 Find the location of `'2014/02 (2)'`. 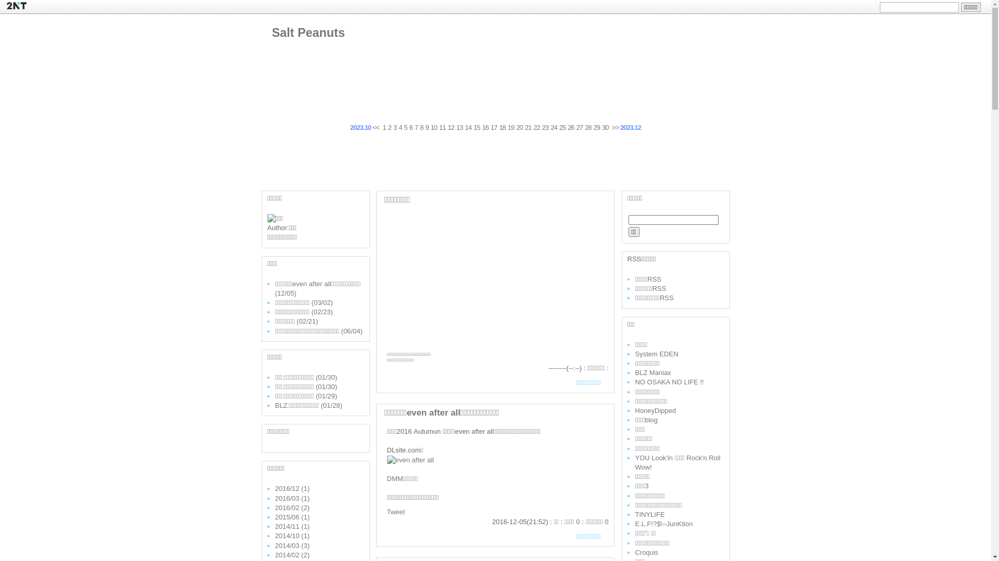

'2014/02 (2)' is located at coordinates (291, 554).